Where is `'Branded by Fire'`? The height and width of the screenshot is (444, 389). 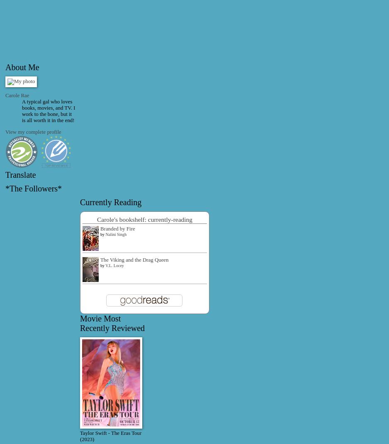 'Branded by Fire' is located at coordinates (117, 228).